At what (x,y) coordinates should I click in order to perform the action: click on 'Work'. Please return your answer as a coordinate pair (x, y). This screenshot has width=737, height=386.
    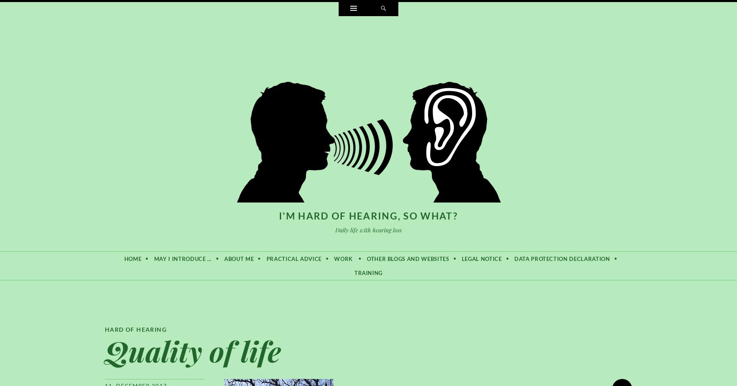
    Looking at the image, I should click on (343, 258).